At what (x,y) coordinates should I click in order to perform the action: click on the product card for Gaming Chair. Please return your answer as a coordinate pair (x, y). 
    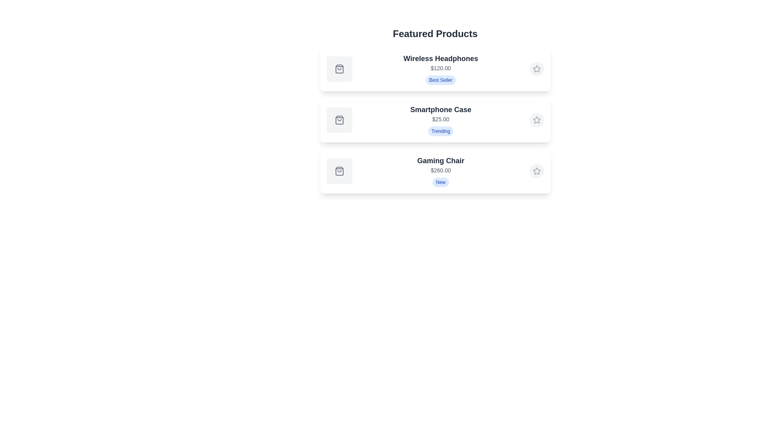
    Looking at the image, I should click on (435, 170).